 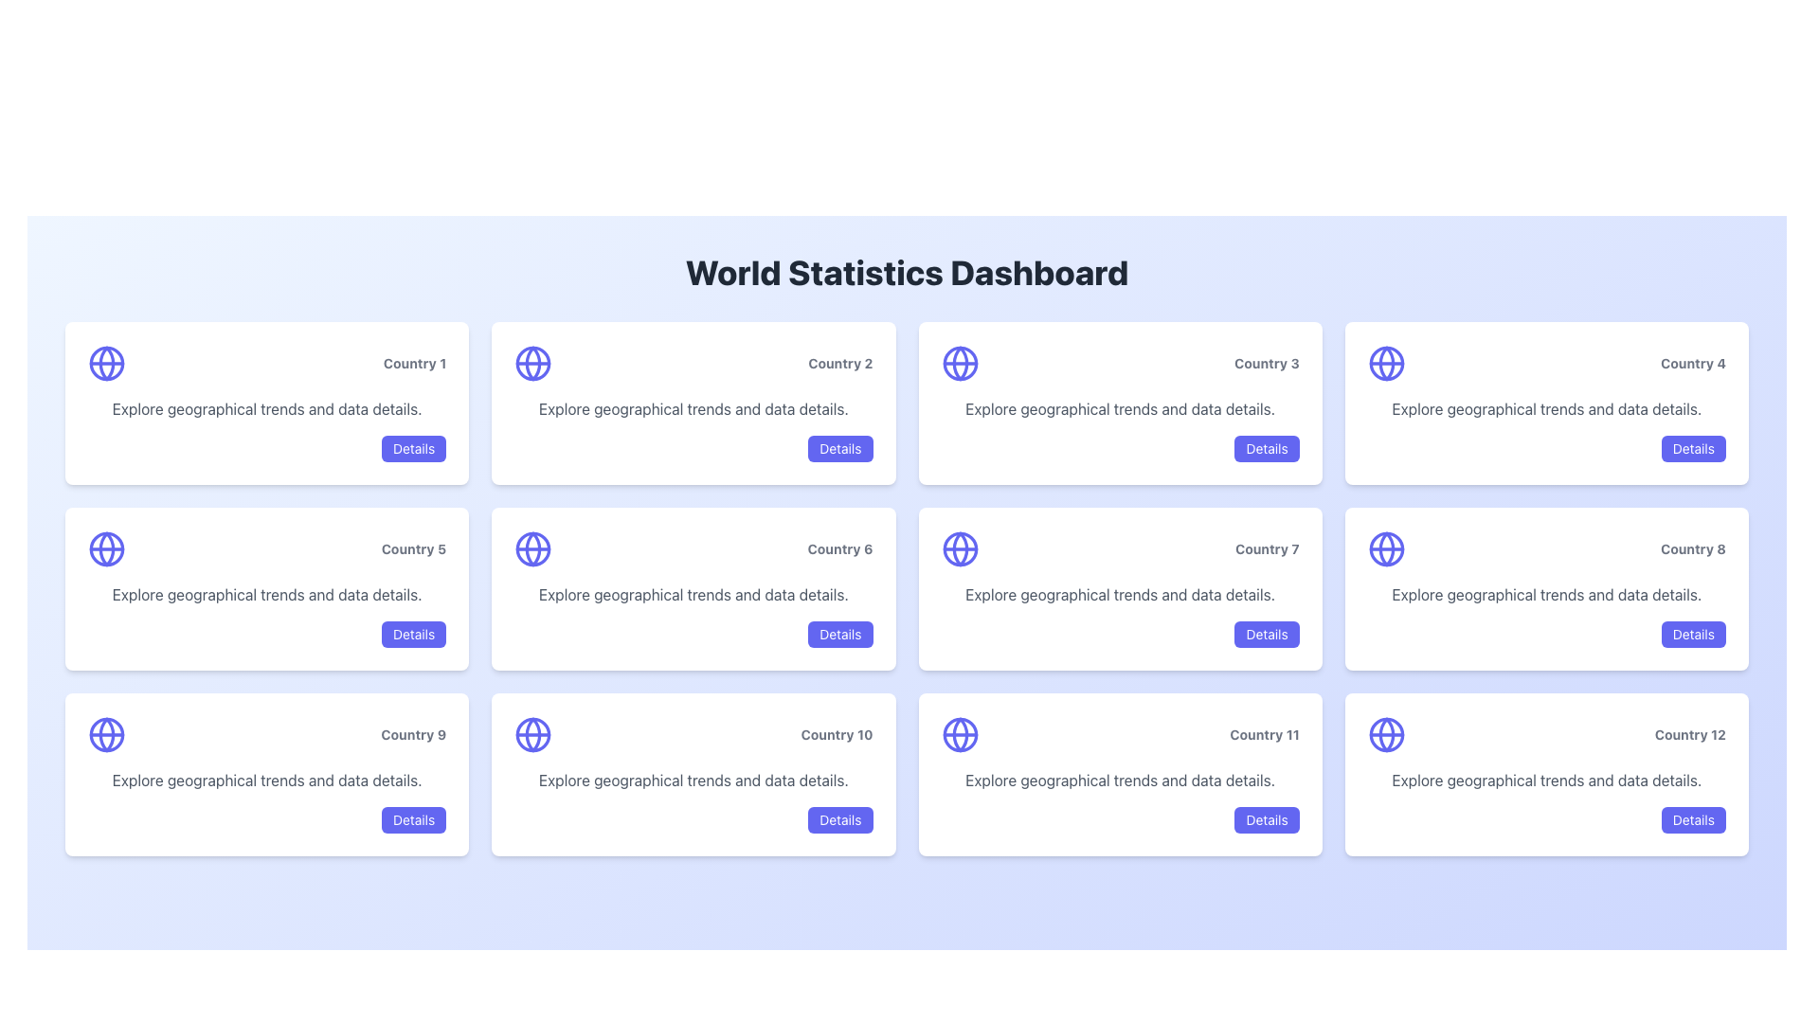 What do you see at coordinates (839, 819) in the screenshot?
I see `the 'Details' button with a purple background and white text located at the lower-right corner of the card labeled 'Country 10'` at bounding box center [839, 819].